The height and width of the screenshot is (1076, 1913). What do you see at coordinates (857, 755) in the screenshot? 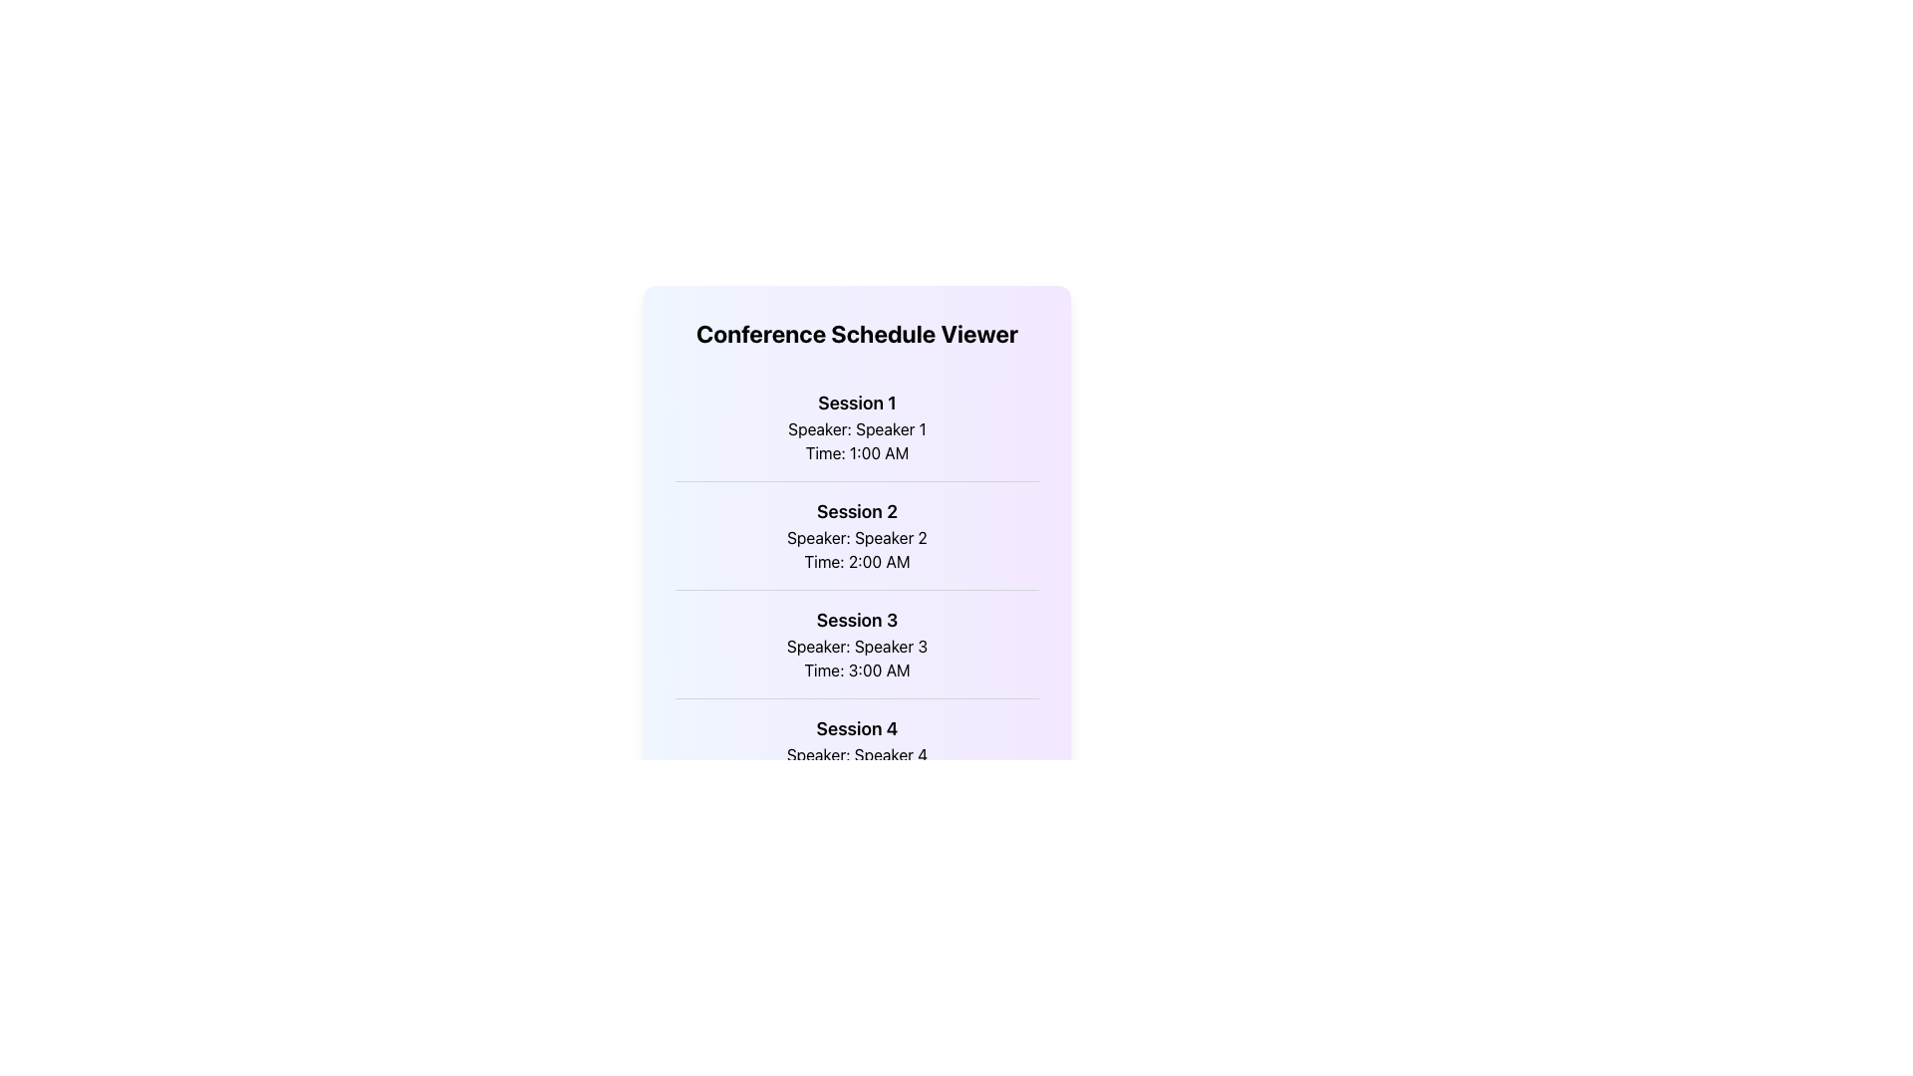
I see `text label that displays 'Speaker: Speaker 4', which is positioned below 'Session 4' and above 'Time: 4:00 AM'` at bounding box center [857, 755].